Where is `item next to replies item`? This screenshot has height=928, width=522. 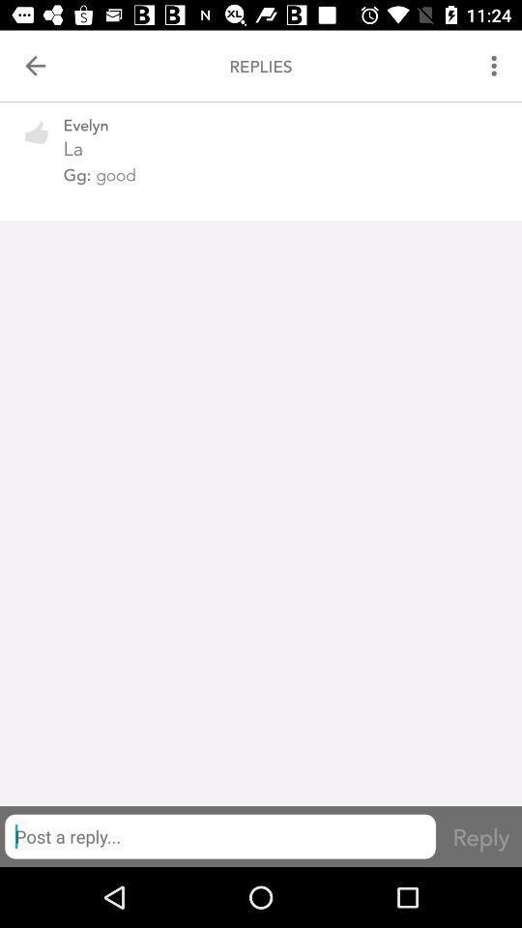 item next to replies item is located at coordinates (35, 66).